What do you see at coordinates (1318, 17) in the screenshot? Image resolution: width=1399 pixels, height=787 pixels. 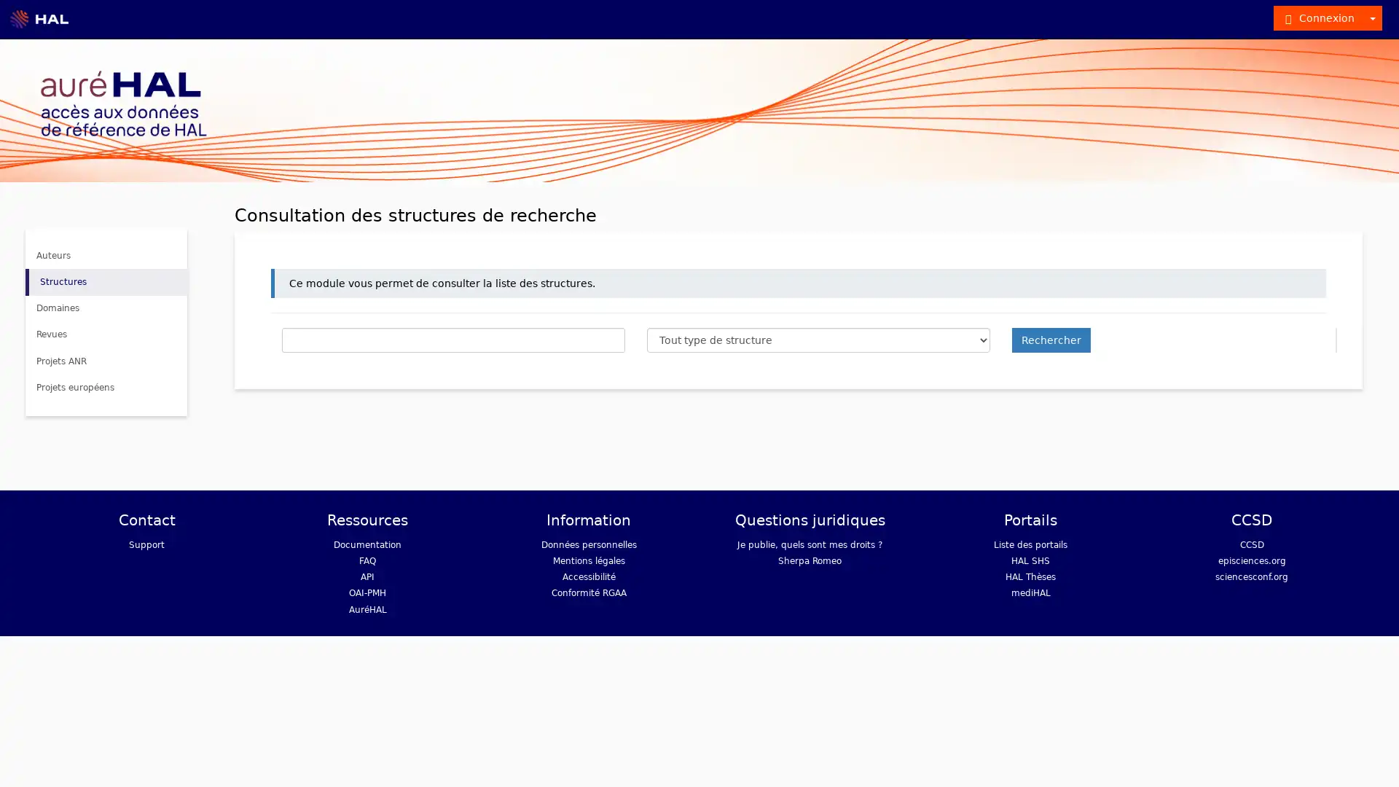 I see `Connexion` at bounding box center [1318, 17].